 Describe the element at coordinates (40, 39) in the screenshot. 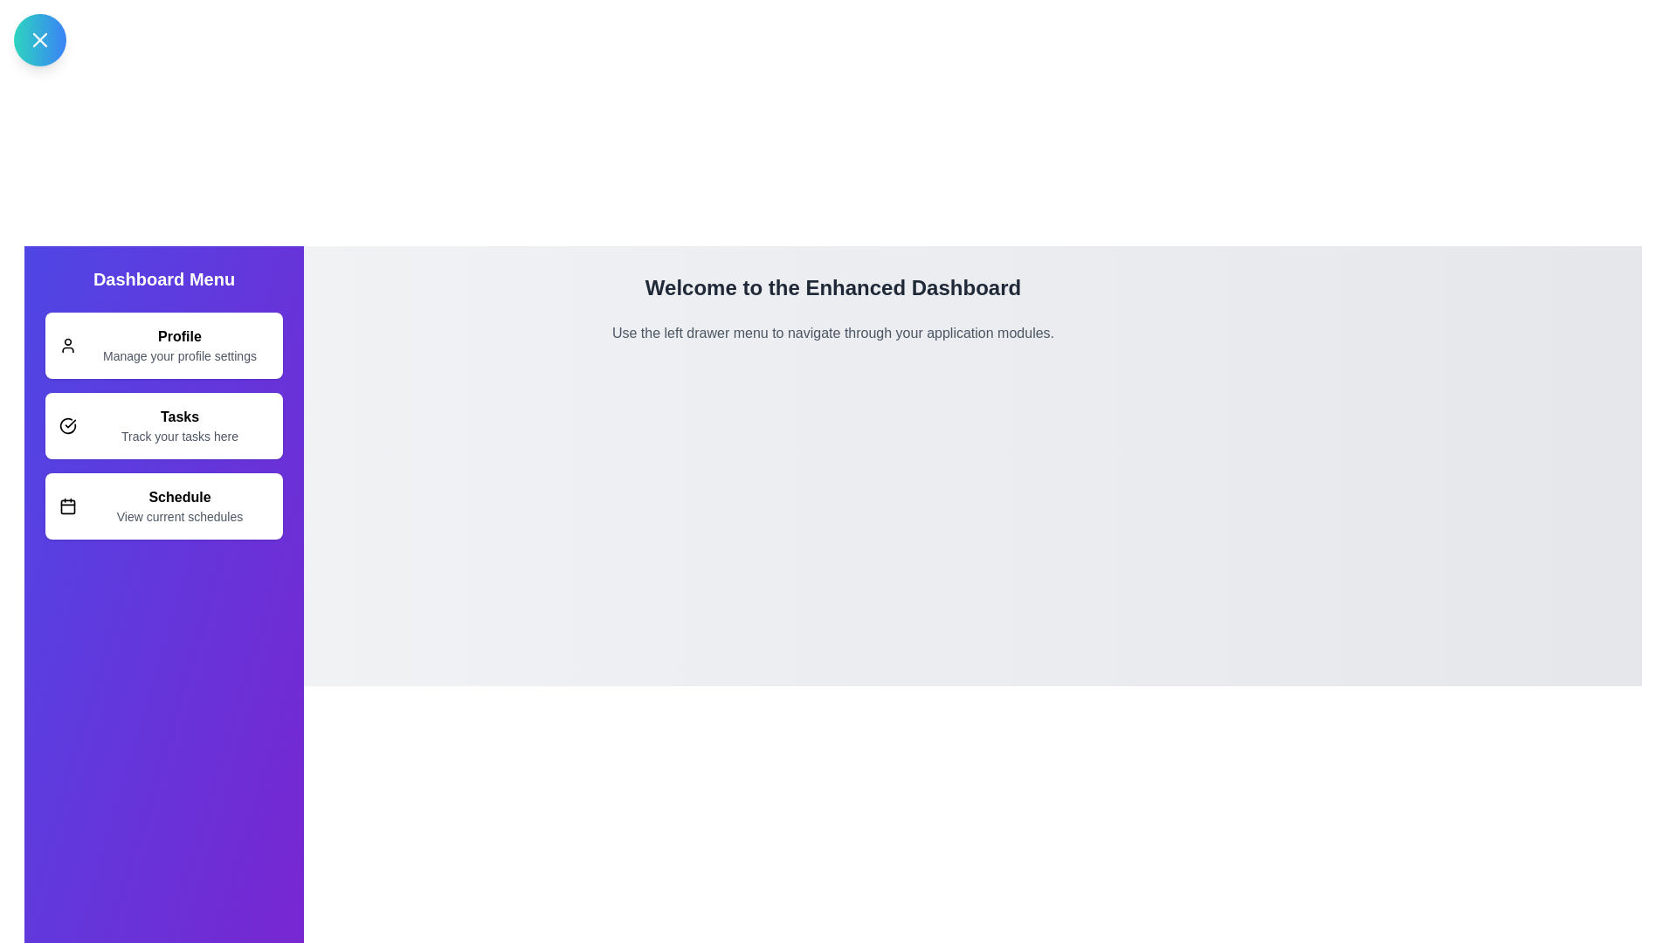

I see `the button in the top-left corner to toggle the drawer open or closed` at that location.